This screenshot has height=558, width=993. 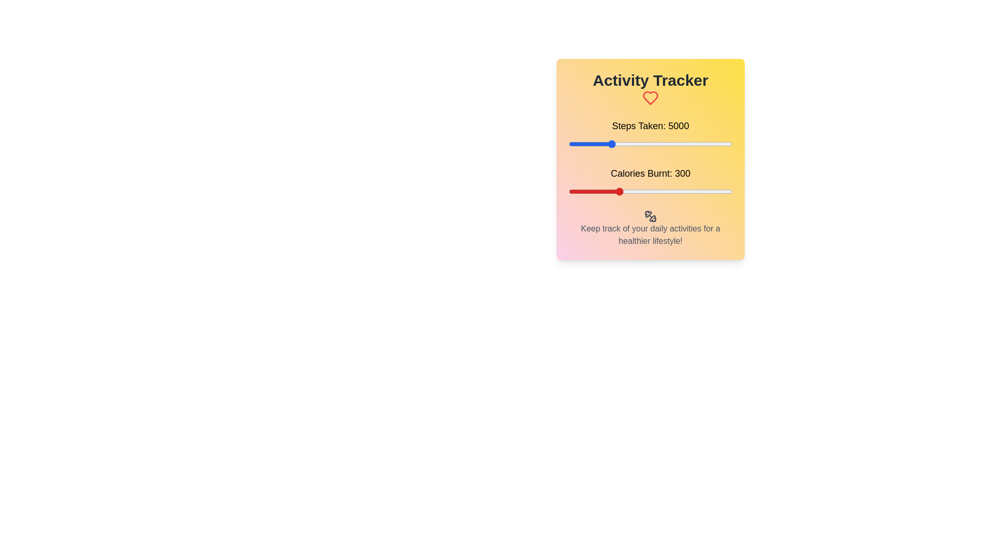 What do you see at coordinates (646, 144) in the screenshot?
I see `steps taken` at bounding box center [646, 144].